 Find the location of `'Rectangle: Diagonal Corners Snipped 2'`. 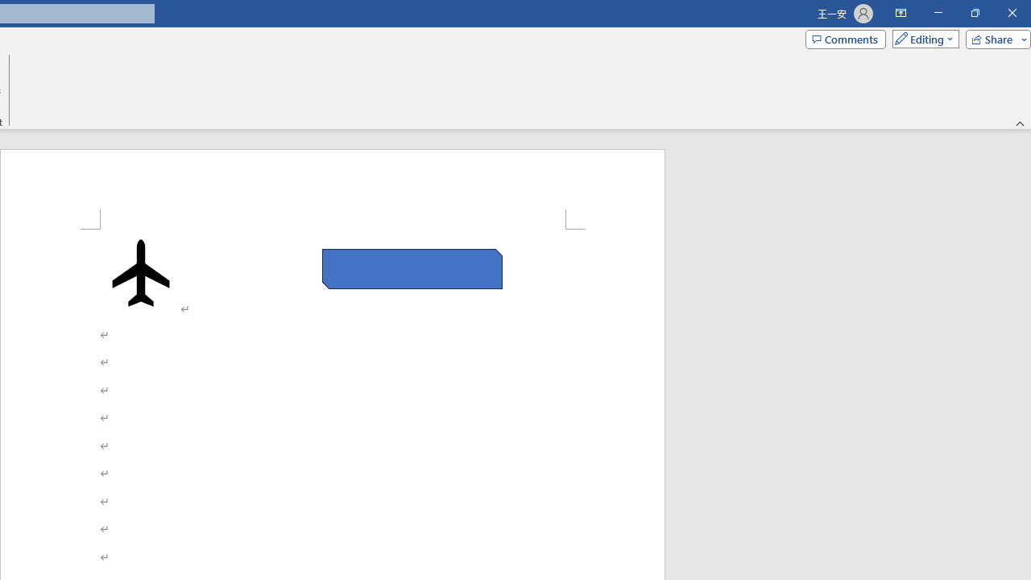

'Rectangle: Diagonal Corners Snipped 2' is located at coordinates (412, 268).